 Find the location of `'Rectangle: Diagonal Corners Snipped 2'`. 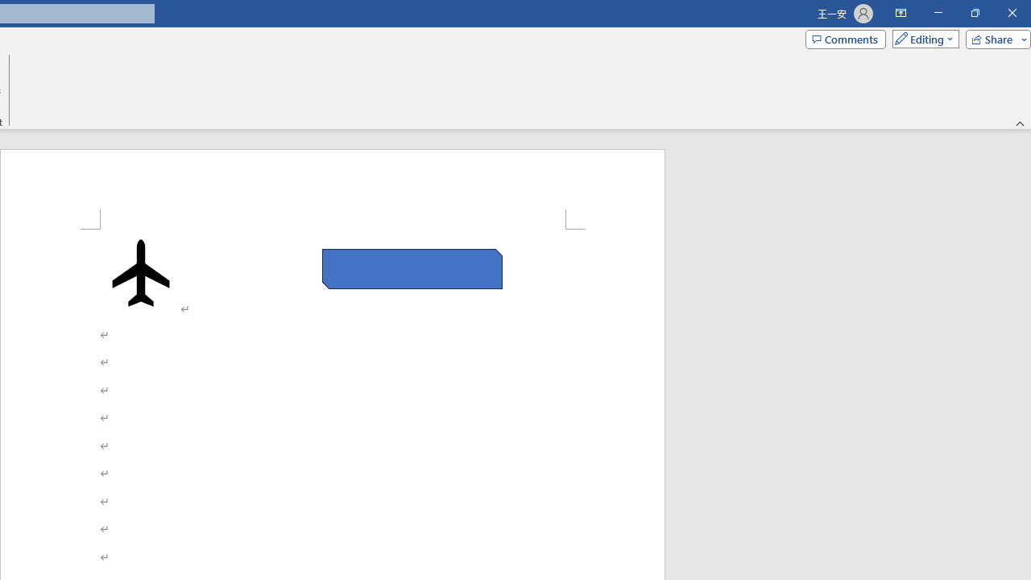

'Rectangle: Diagonal Corners Snipped 2' is located at coordinates (412, 268).